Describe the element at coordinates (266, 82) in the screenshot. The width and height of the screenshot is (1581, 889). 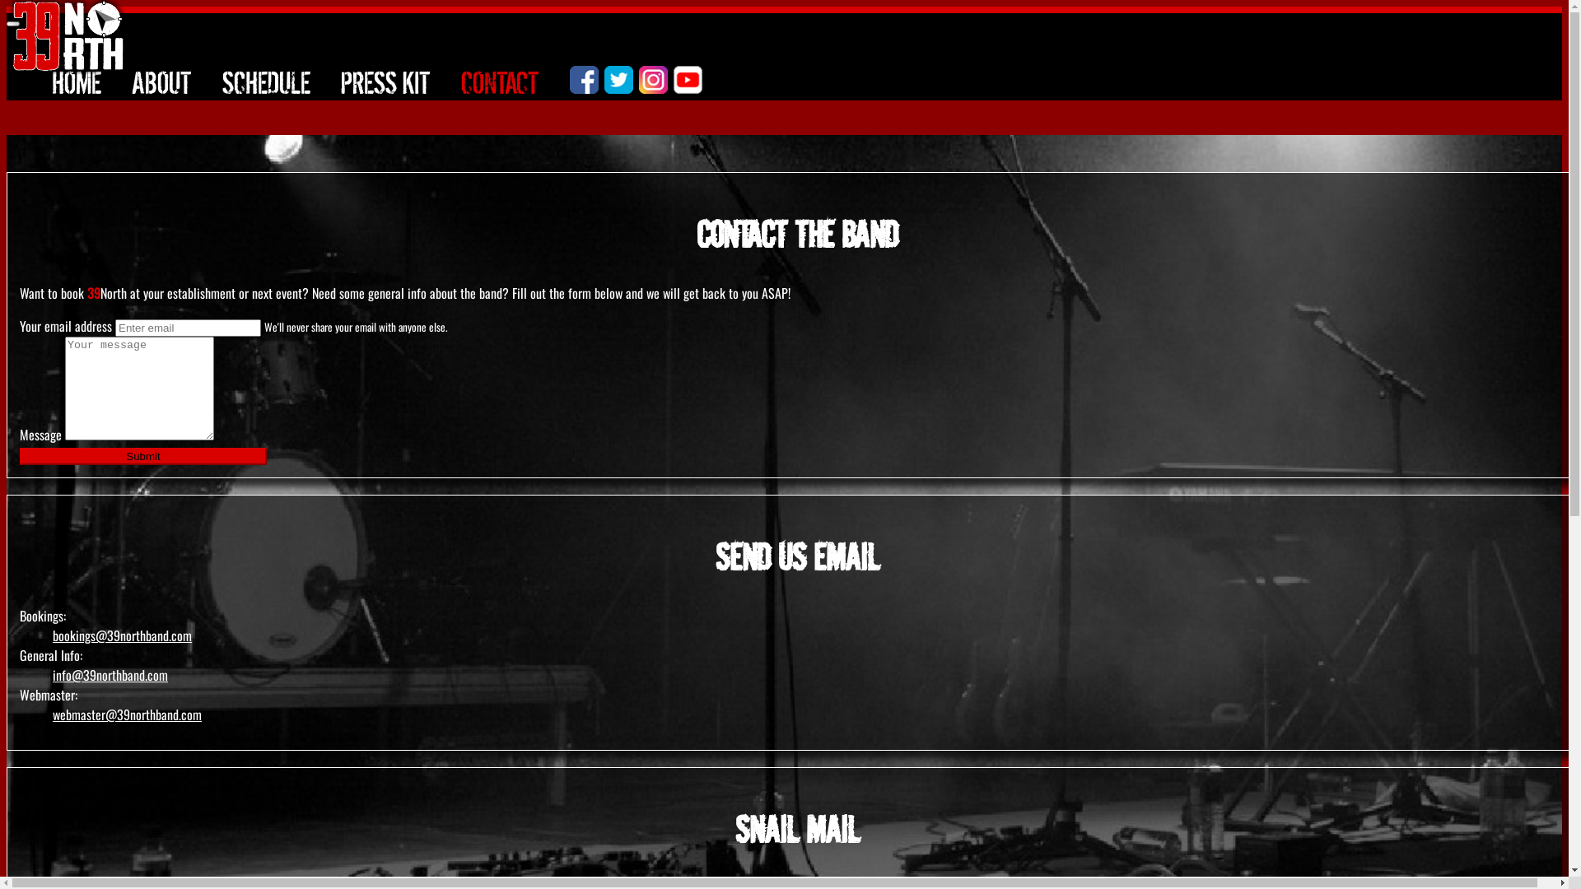
I see `'SCHEDULE'` at that location.